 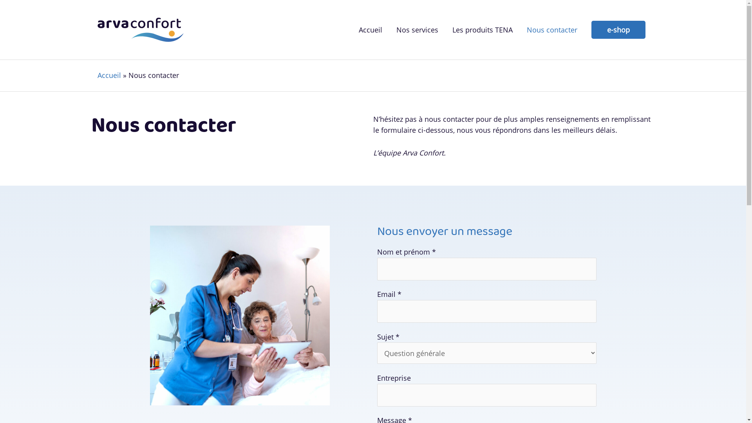 What do you see at coordinates (108, 75) in the screenshot?
I see `'Accueil'` at bounding box center [108, 75].